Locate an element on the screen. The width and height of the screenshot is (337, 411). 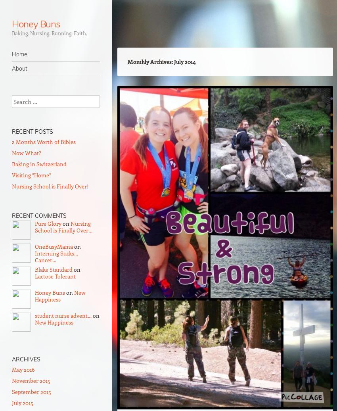
'About' is located at coordinates (19, 69).